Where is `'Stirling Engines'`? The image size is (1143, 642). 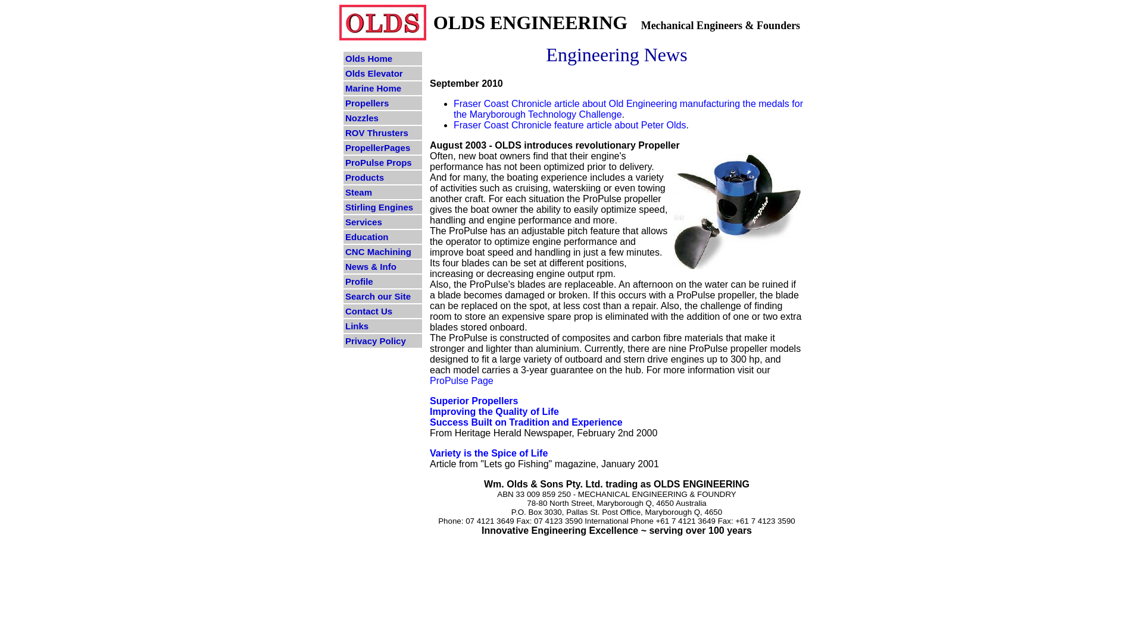
'Stirling Engines' is located at coordinates (342, 206).